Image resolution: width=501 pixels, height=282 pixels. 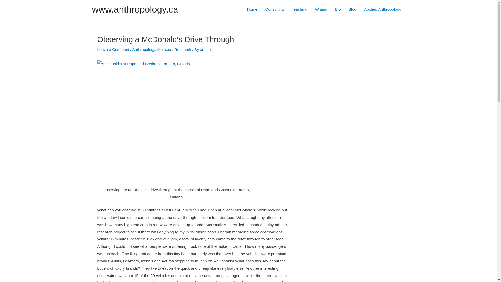 What do you see at coordinates (383, 9) in the screenshot?
I see `'Applied Anthropology'` at bounding box center [383, 9].